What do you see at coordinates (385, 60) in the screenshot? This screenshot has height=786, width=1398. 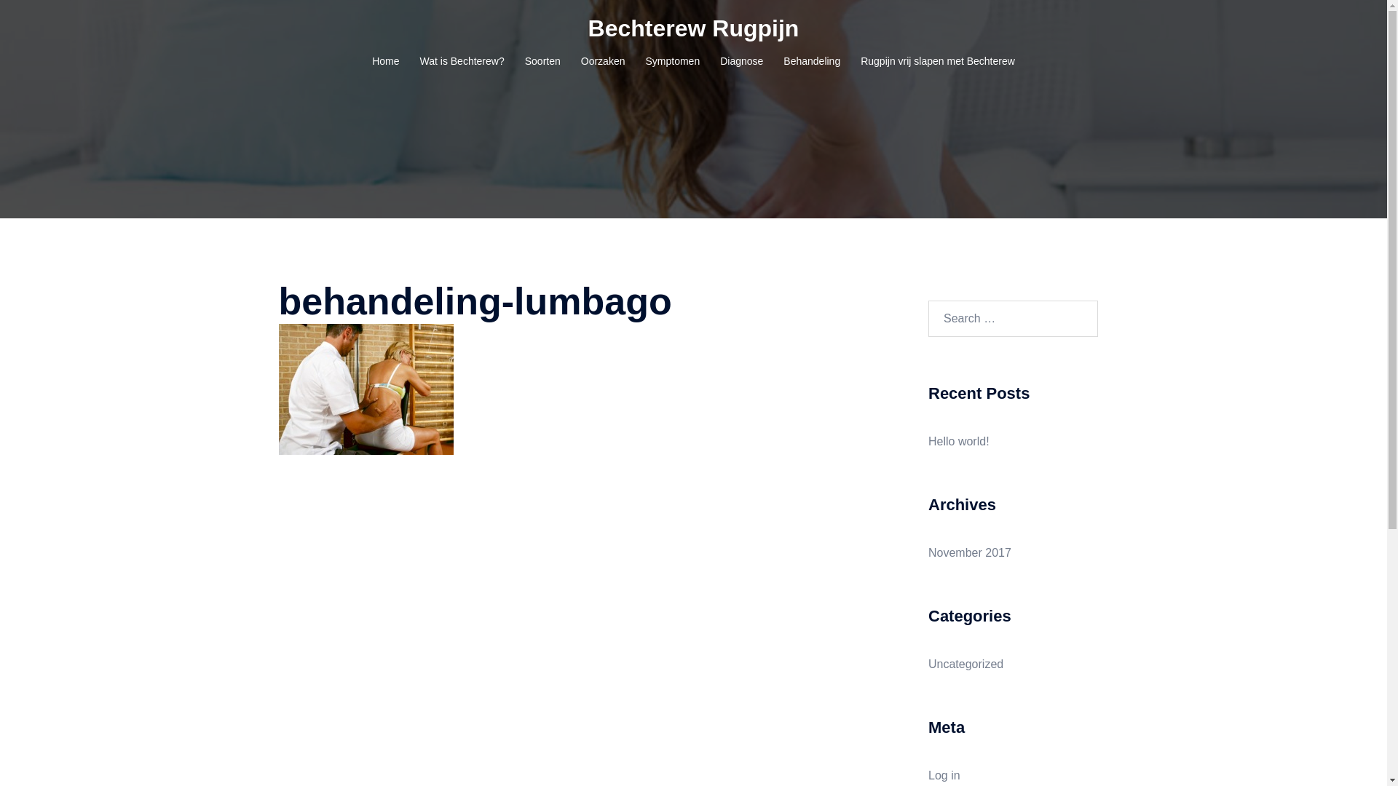 I see `'Home'` at bounding box center [385, 60].